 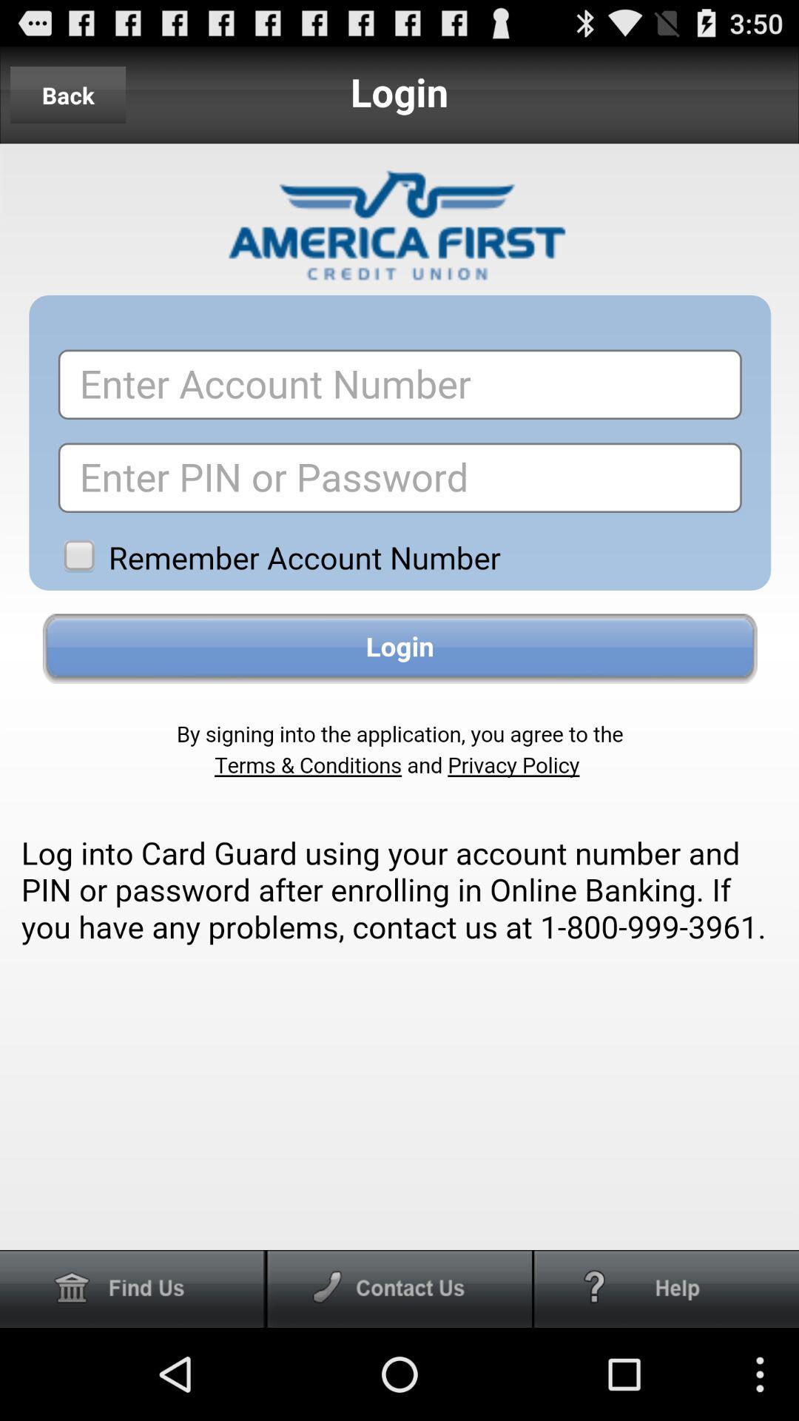 What do you see at coordinates (399, 1288) in the screenshot?
I see `call the option` at bounding box center [399, 1288].